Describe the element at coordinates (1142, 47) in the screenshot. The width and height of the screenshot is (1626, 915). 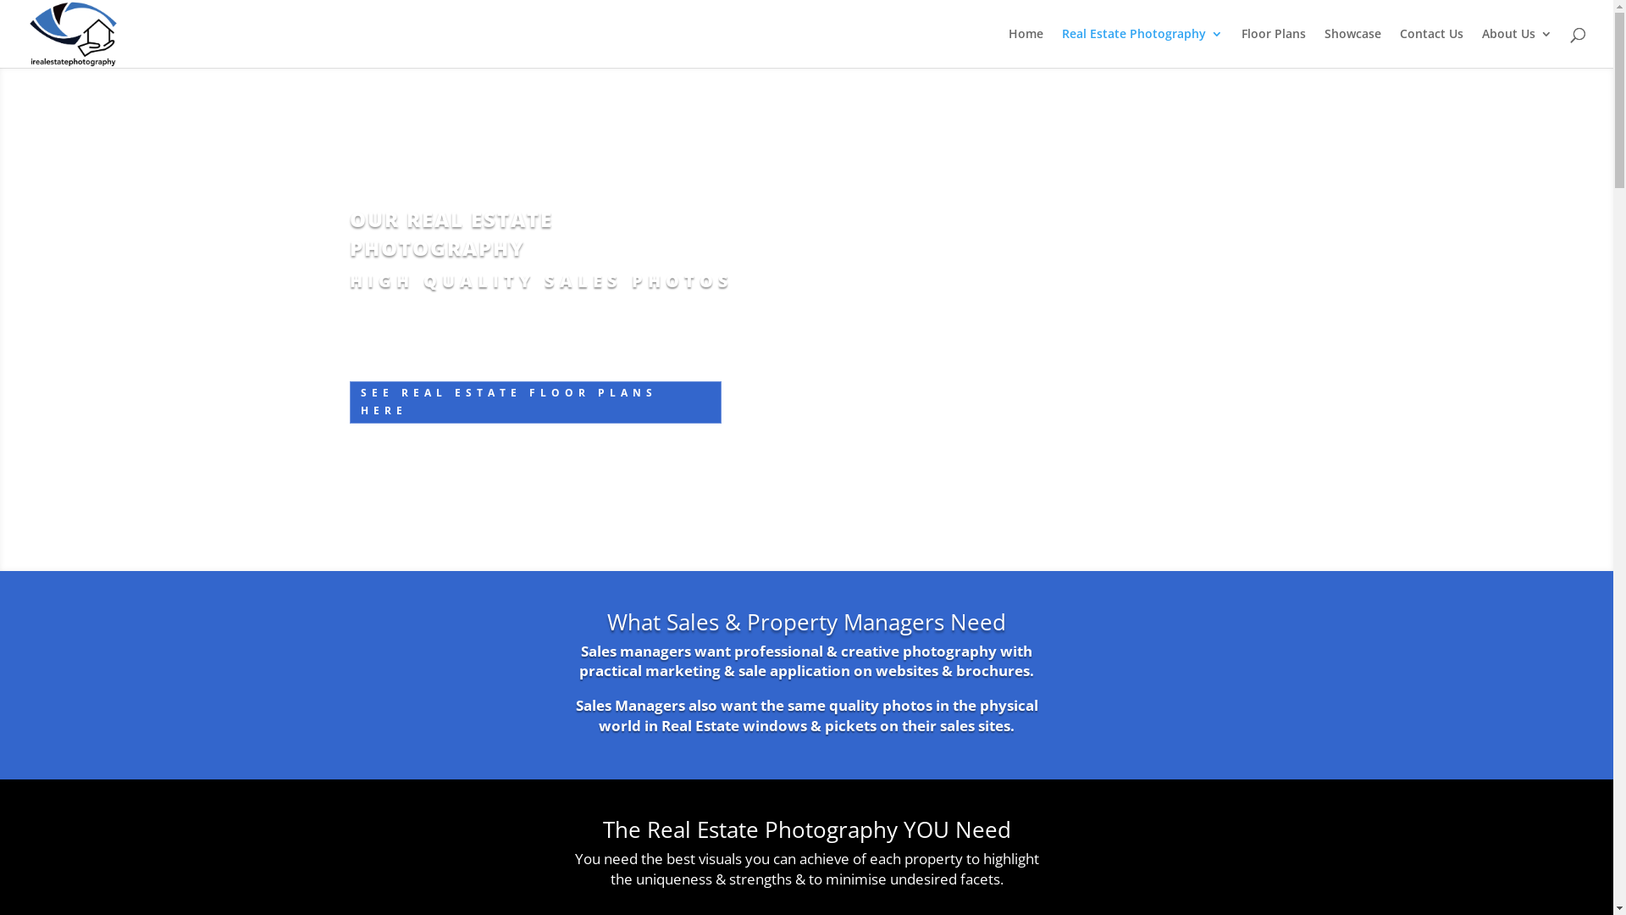
I see `'Real Estate Photography'` at that location.